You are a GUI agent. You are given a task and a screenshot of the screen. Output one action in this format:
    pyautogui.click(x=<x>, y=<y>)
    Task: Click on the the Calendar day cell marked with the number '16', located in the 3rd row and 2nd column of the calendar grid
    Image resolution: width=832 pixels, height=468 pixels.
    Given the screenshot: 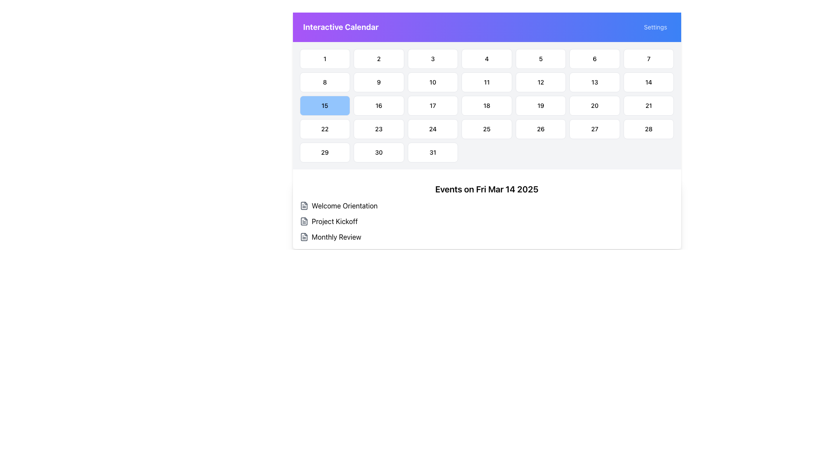 What is the action you would take?
    pyautogui.click(x=379, y=105)
    